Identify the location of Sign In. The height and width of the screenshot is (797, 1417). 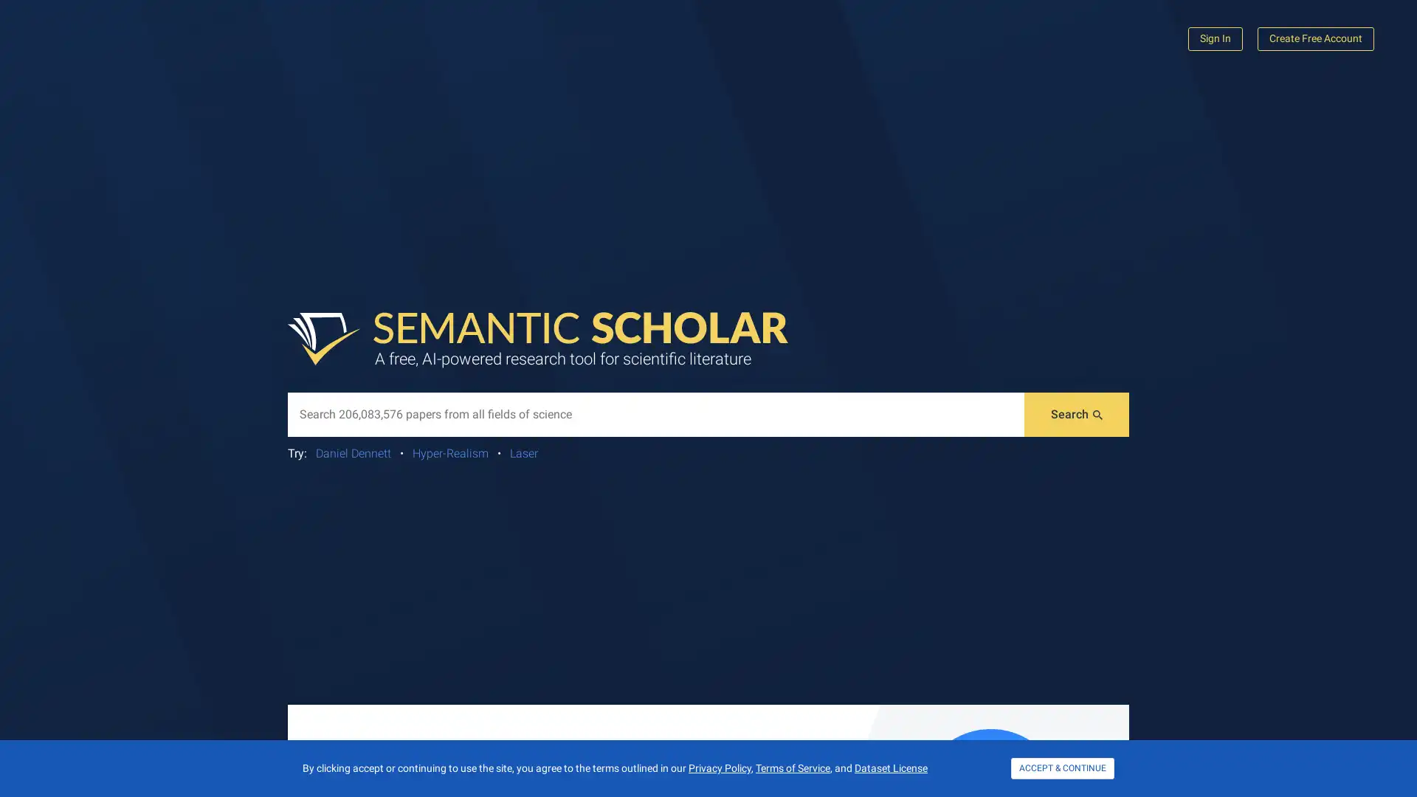
(1215, 38).